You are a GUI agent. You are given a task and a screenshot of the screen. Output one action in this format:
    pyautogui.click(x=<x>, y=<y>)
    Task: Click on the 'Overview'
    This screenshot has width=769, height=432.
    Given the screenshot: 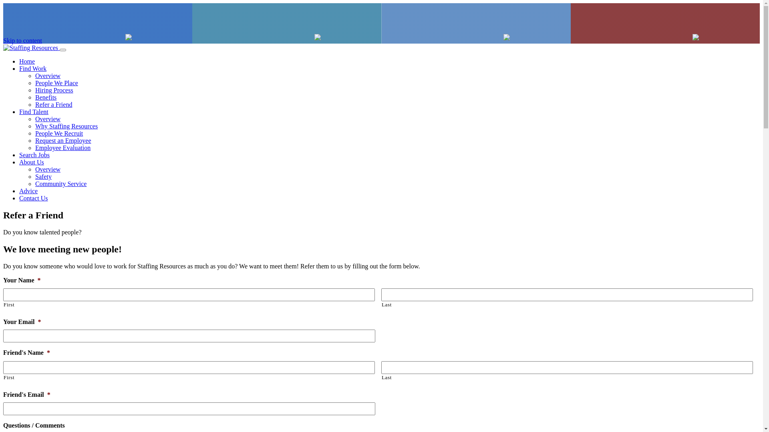 What is the action you would take?
    pyautogui.click(x=47, y=76)
    